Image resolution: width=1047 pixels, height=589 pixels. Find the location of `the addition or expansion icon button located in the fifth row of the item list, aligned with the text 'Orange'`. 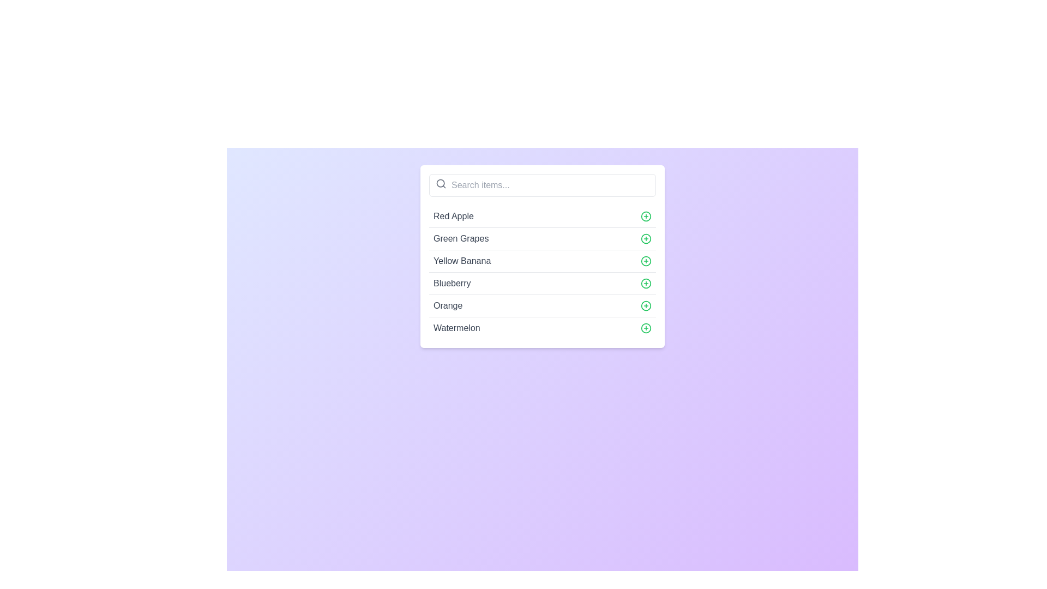

the addition or expansion icon button located in the fifth row of the item list, aligned with the text 'Orange' is located at coordinates (646, 305).